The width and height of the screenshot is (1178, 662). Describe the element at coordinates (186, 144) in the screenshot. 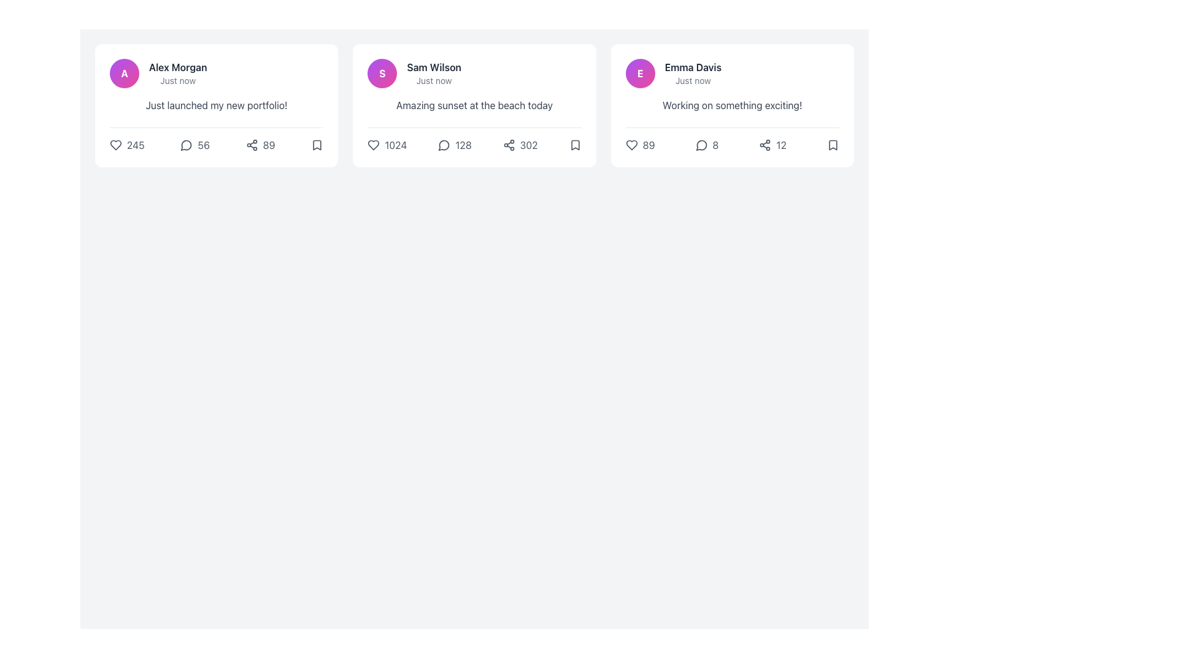

I see `the circular comment indicator icon, which is a minimalistic gray speech bubble located immediately to the left of the number '56' in the user interaction panel of the first post` at that location.